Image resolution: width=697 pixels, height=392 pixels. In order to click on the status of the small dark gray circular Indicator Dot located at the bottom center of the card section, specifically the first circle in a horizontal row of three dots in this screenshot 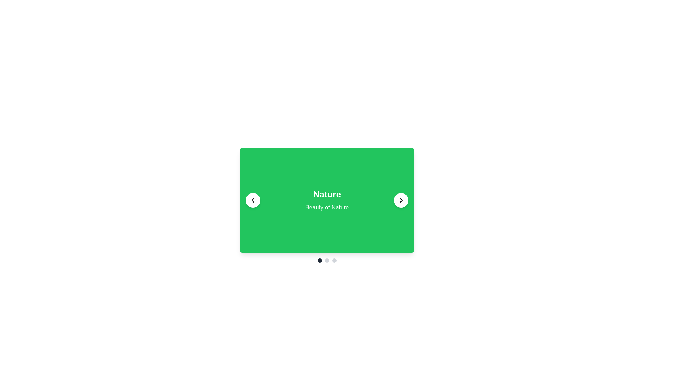, I will do `click(319, 260)`.